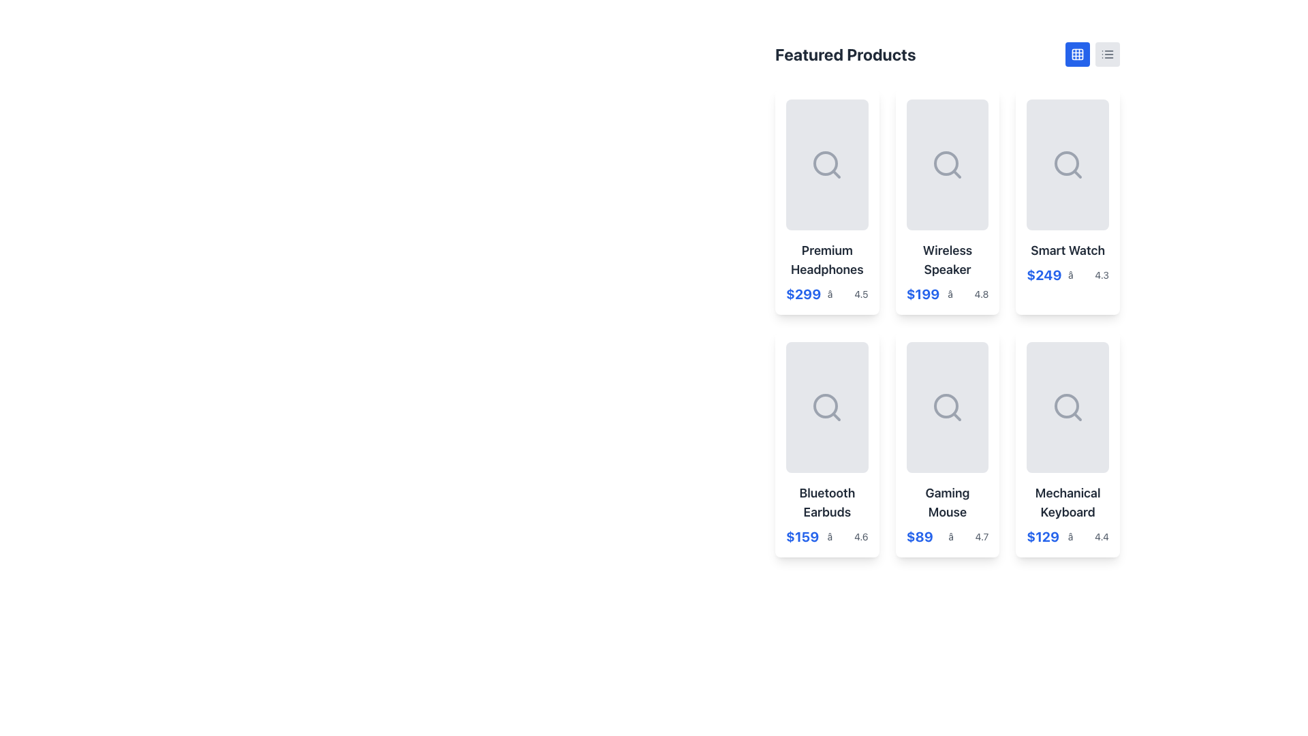 The height and width of the screenshot is (736, 1308). Describe the element at coordinates (1067, 164) in the screenshot. I see `the magnifying glass icon located in the top-right card of the grid layout` at that location.